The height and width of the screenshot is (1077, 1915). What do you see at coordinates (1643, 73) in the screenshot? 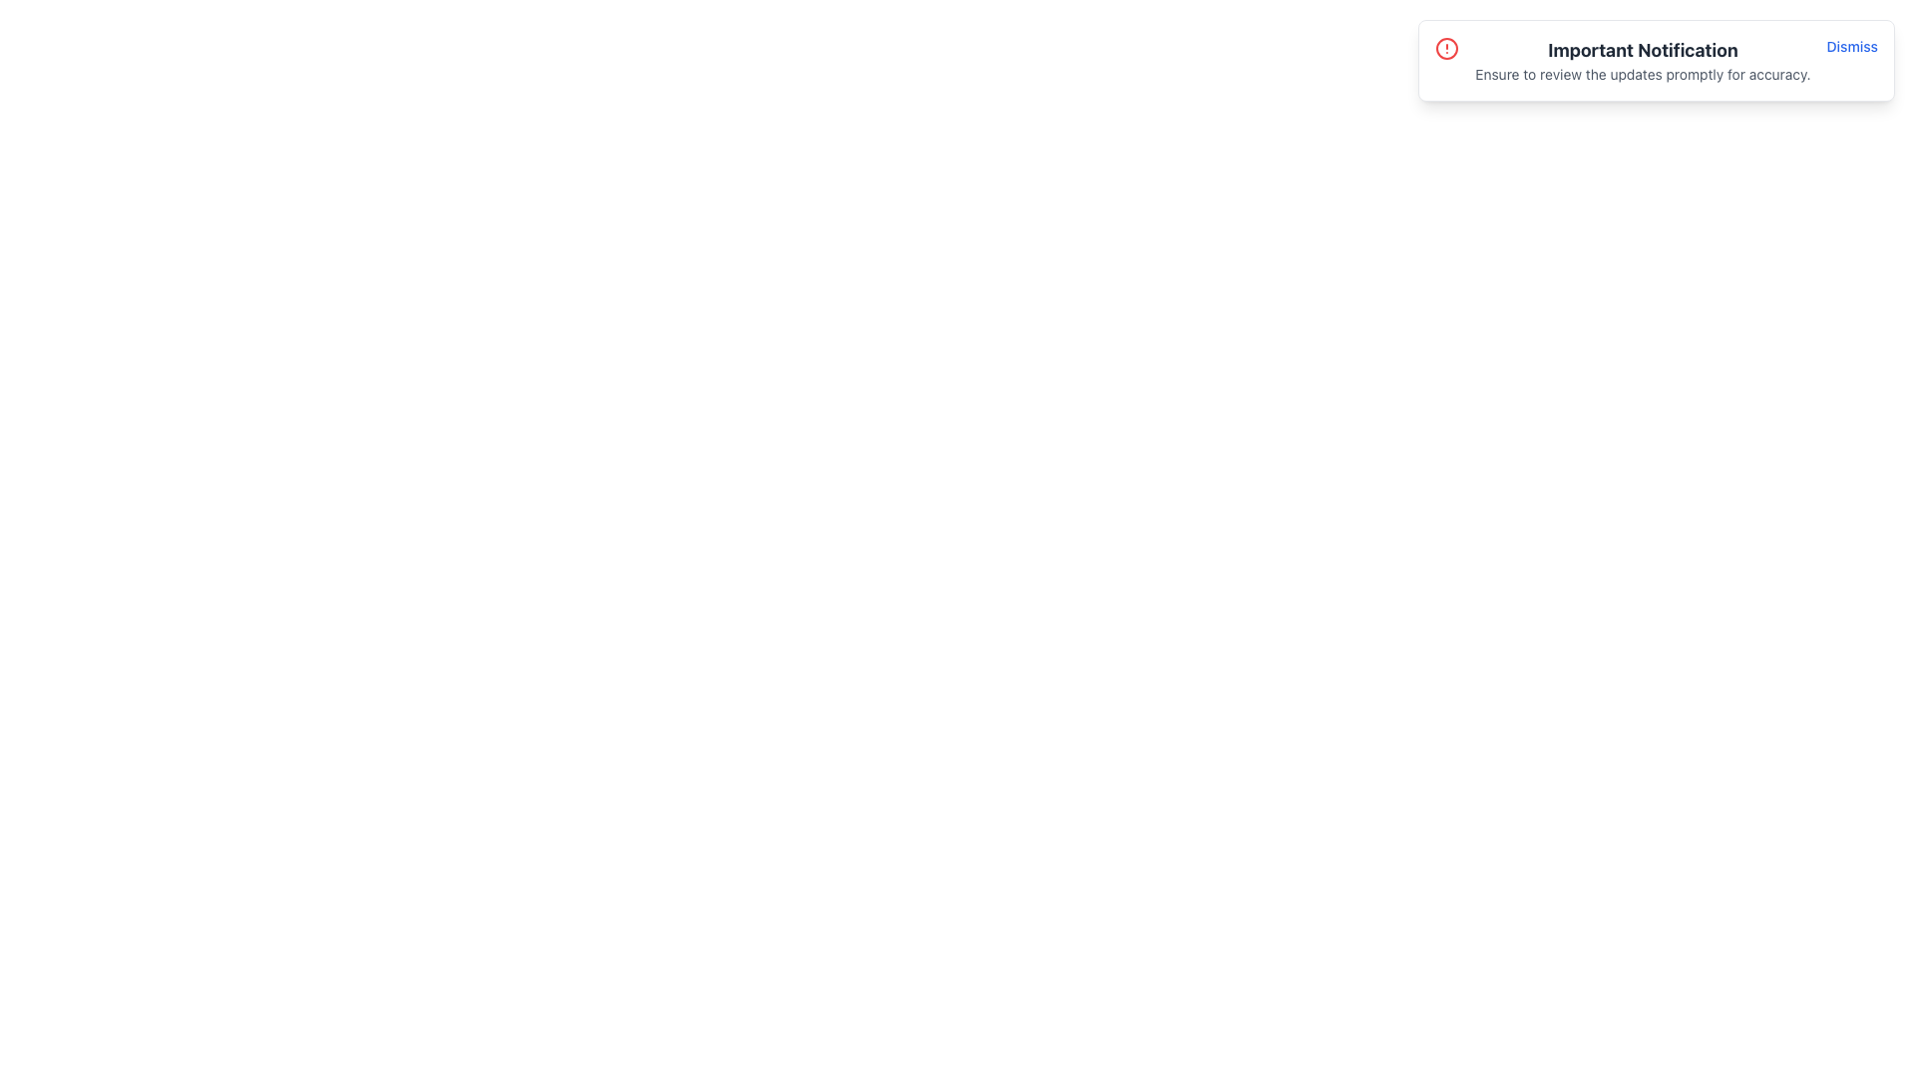
I see `the text providing critical instructions located in the bottom part of the notification box, positioned directly below the 'Important Notification' text` at bounding box center [1643, 73].